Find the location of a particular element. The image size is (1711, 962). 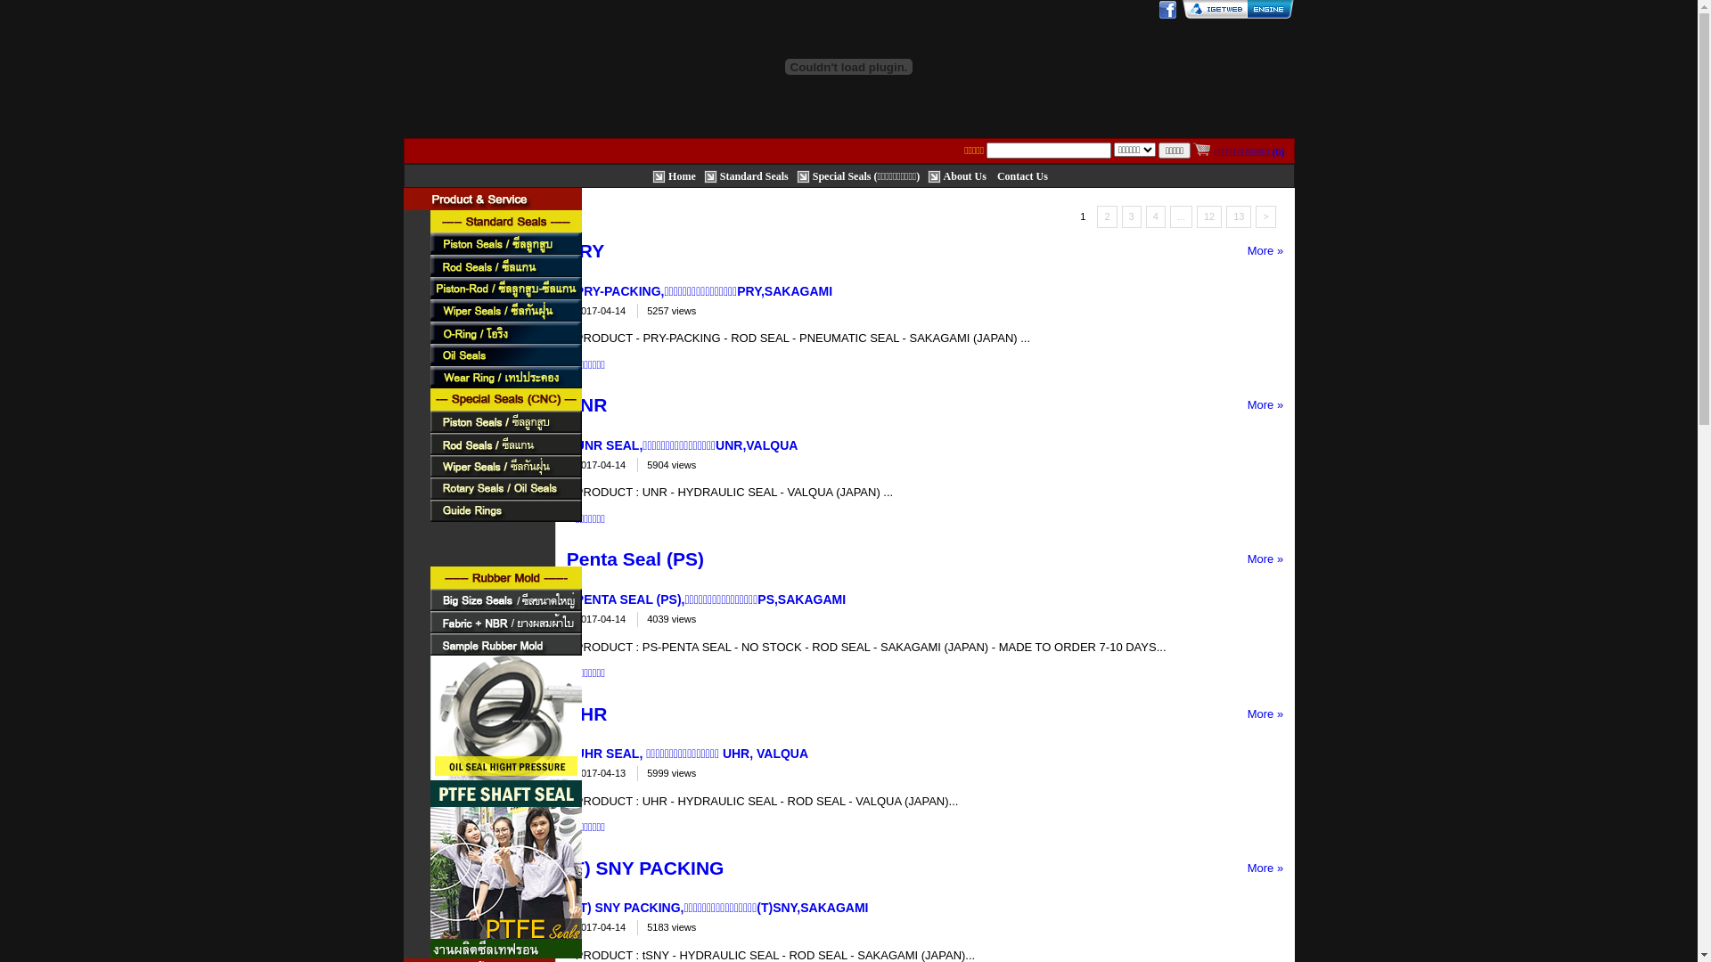

'12' is located at coordinates (1209, 216).